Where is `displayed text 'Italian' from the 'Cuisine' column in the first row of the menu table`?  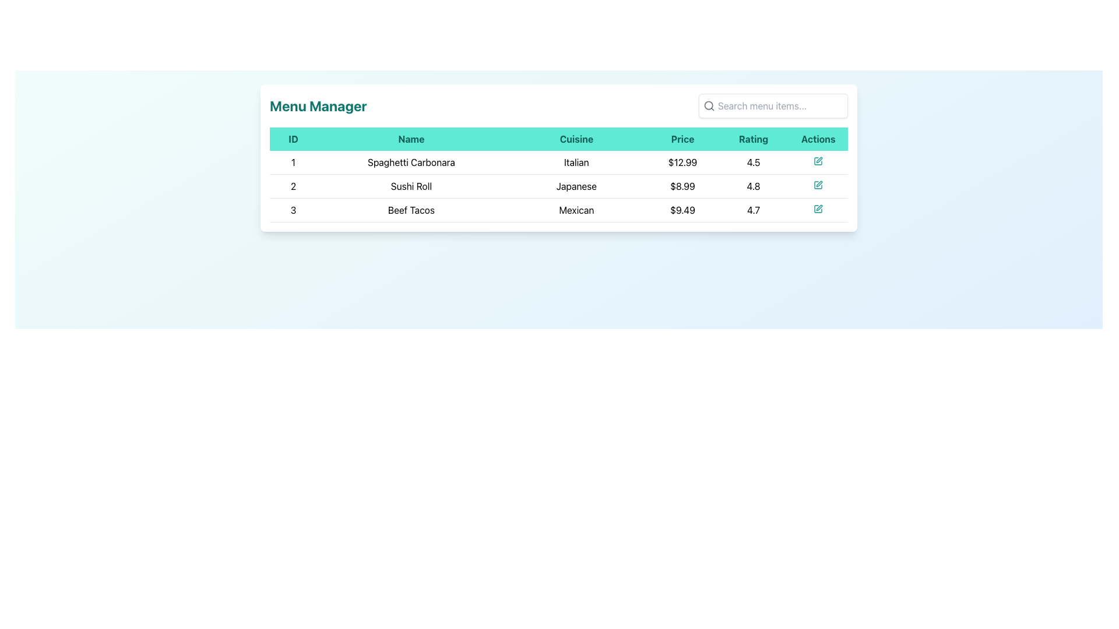 displayed text 'Italian' from the 'Cuisine' column in the first row of the menu table is located at coordinates (576, 162).